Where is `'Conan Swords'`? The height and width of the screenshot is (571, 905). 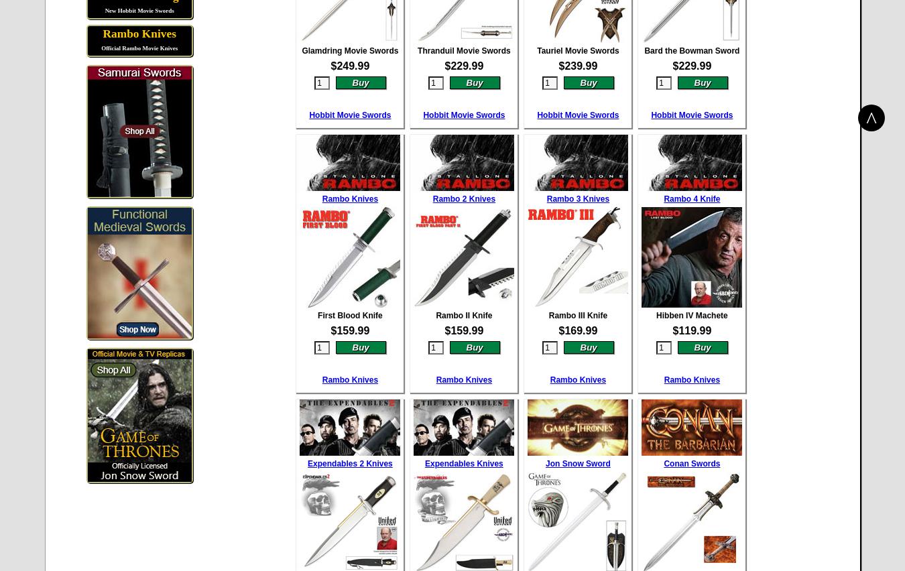
'Conan Swords' is located at coordinates (691, 462).